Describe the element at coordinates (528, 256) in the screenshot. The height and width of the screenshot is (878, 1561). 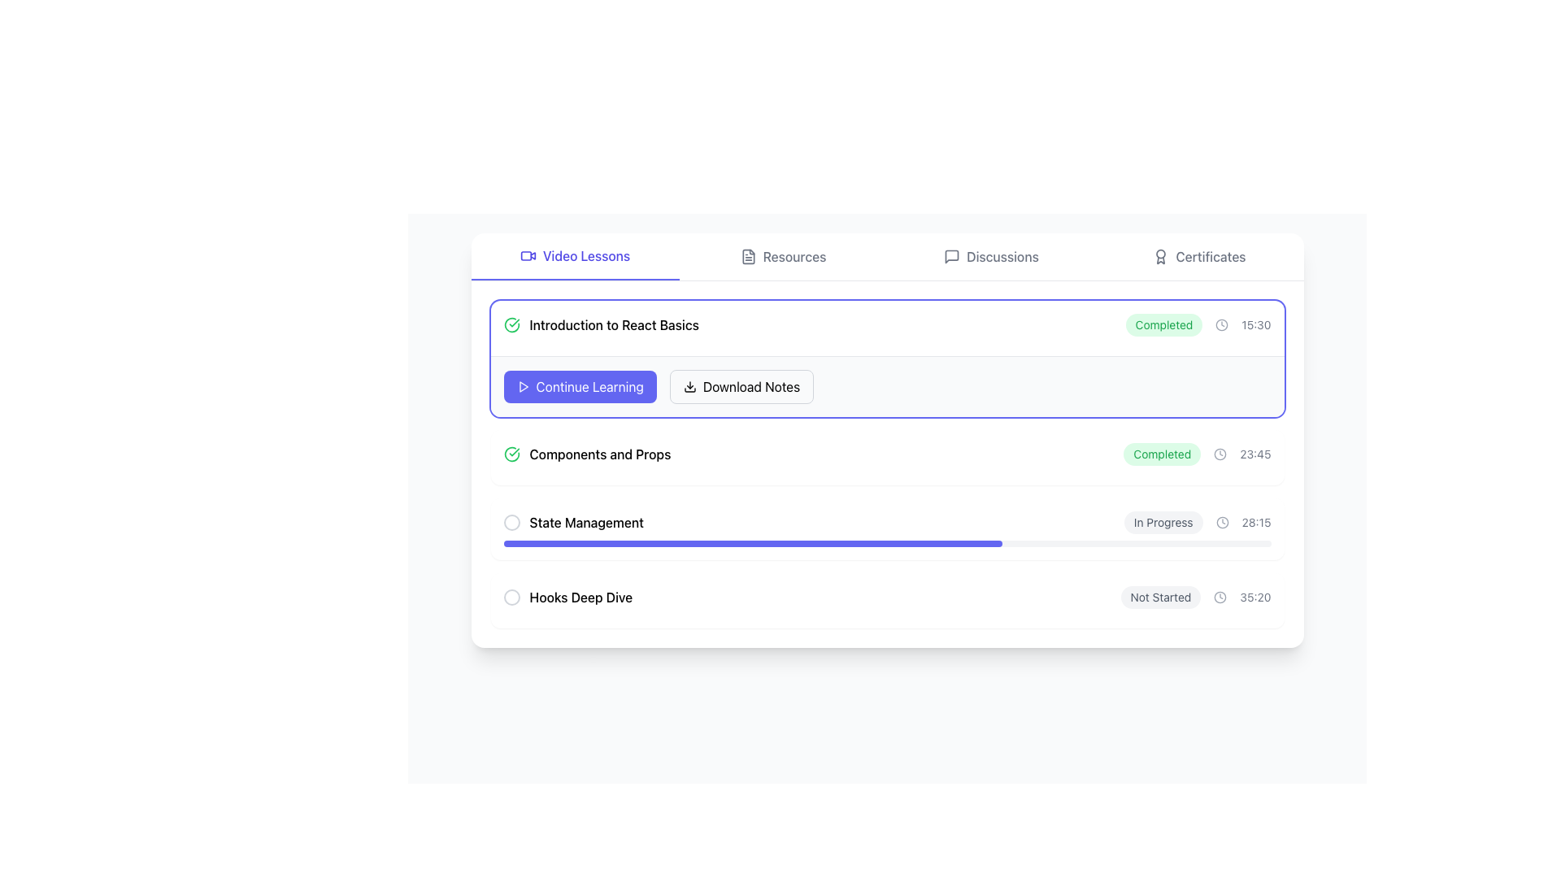
I see `the SVG video camera icon located to the left of the 'Video Lessons' text in the tab section` at that location.